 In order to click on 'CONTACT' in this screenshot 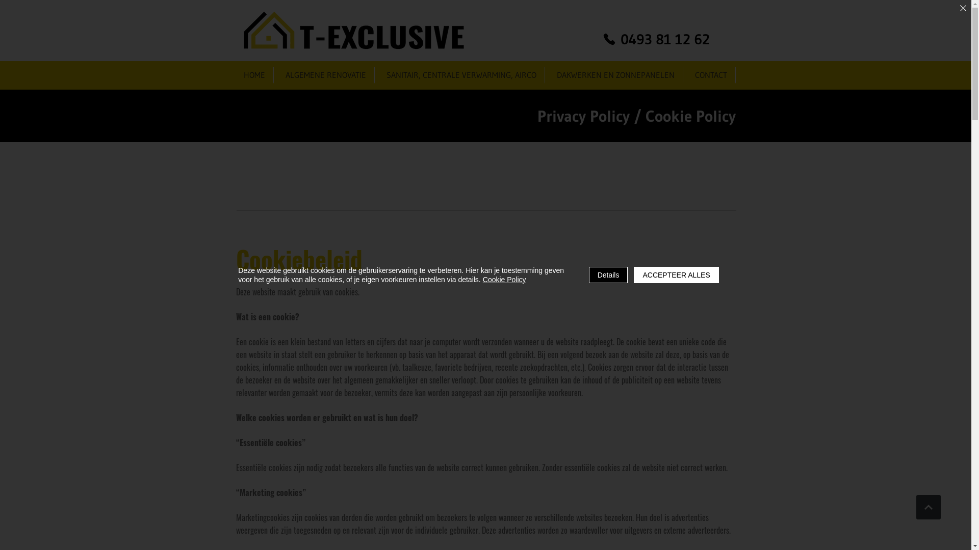, I will do `click(711, 74)`.